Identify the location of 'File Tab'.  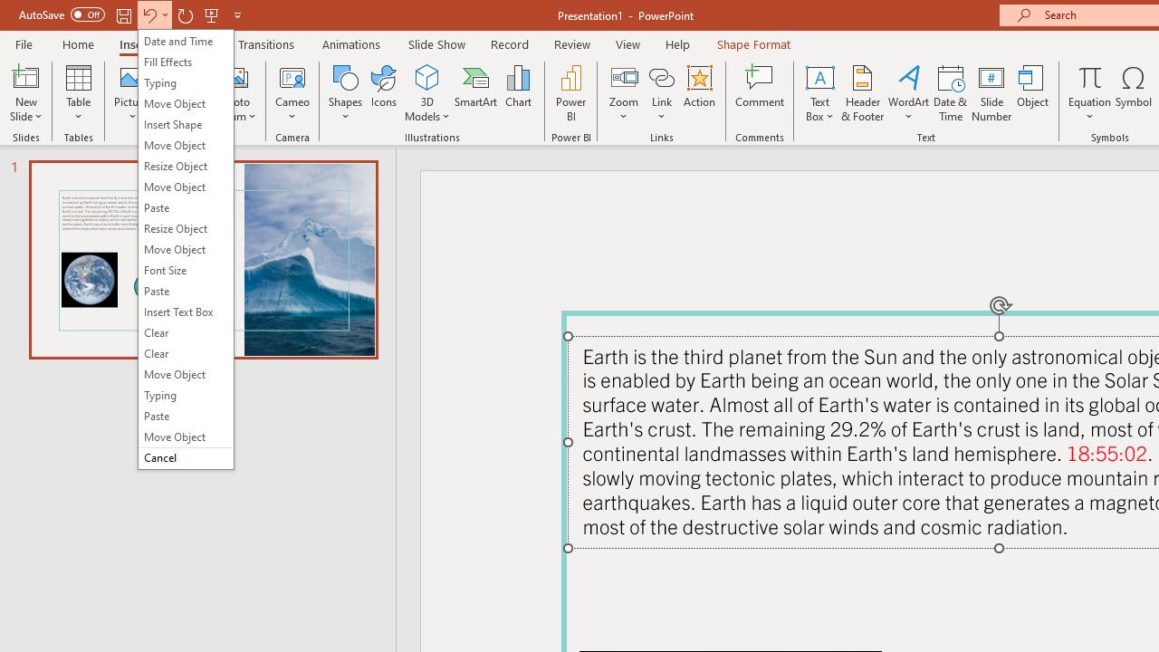
(24, 43).